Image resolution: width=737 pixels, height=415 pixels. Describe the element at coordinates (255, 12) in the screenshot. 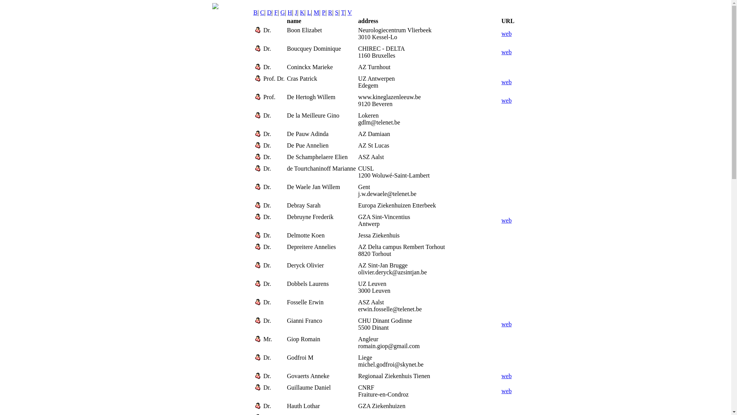

I see `'B'` at that location.